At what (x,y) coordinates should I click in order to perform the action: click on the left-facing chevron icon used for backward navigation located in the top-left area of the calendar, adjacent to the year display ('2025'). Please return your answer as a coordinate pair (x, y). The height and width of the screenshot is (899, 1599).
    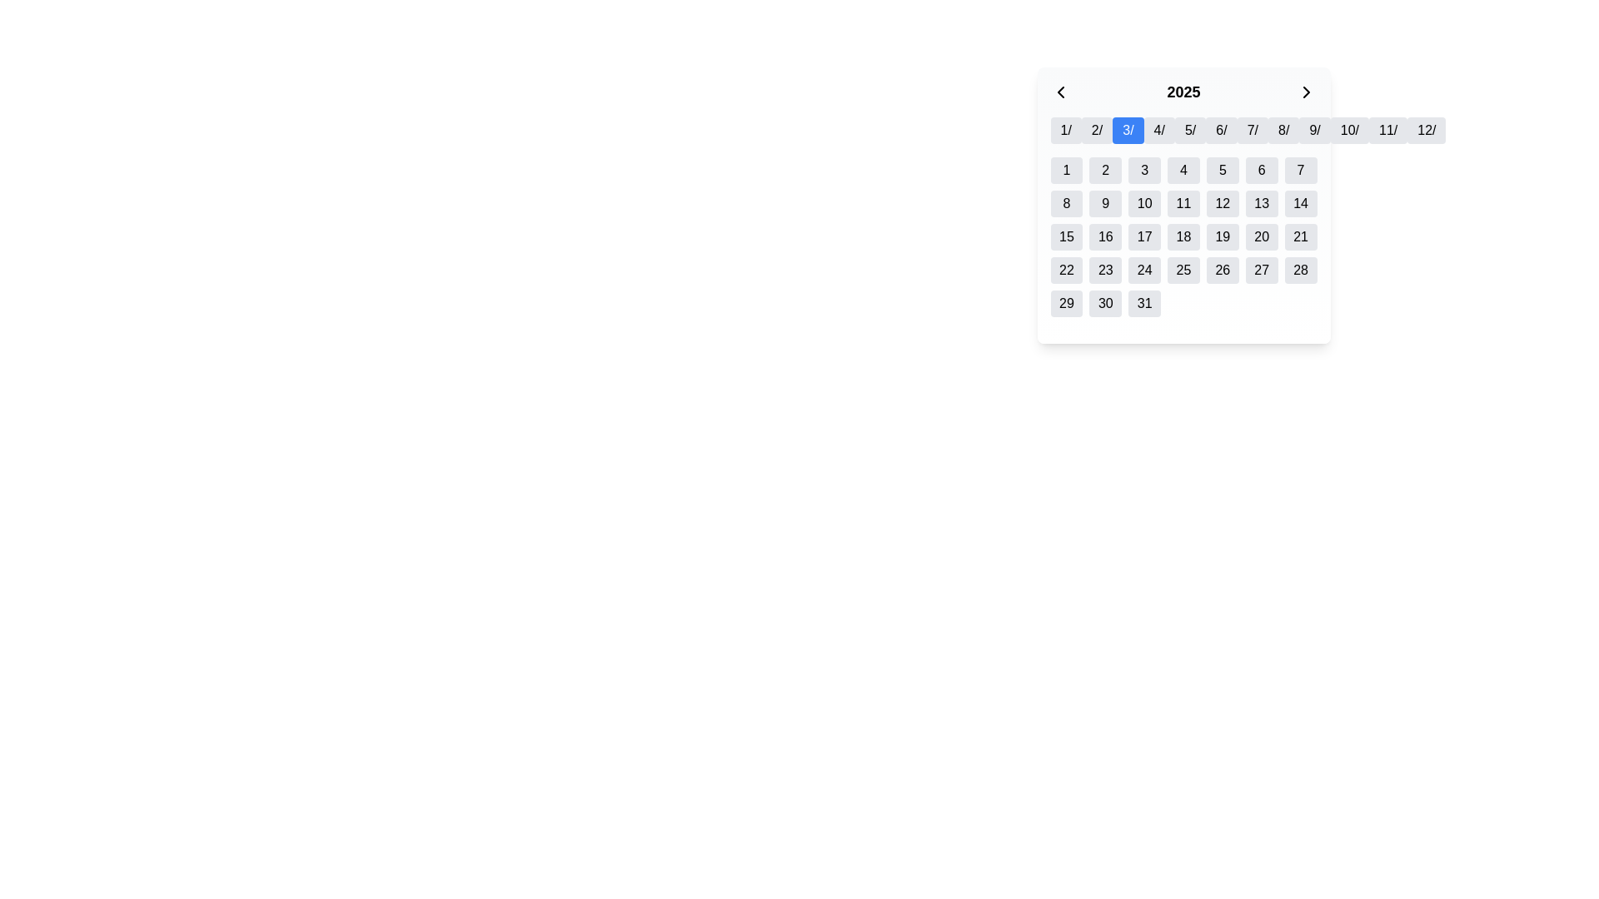
    Looking at the image, I should click on (1059, 92).